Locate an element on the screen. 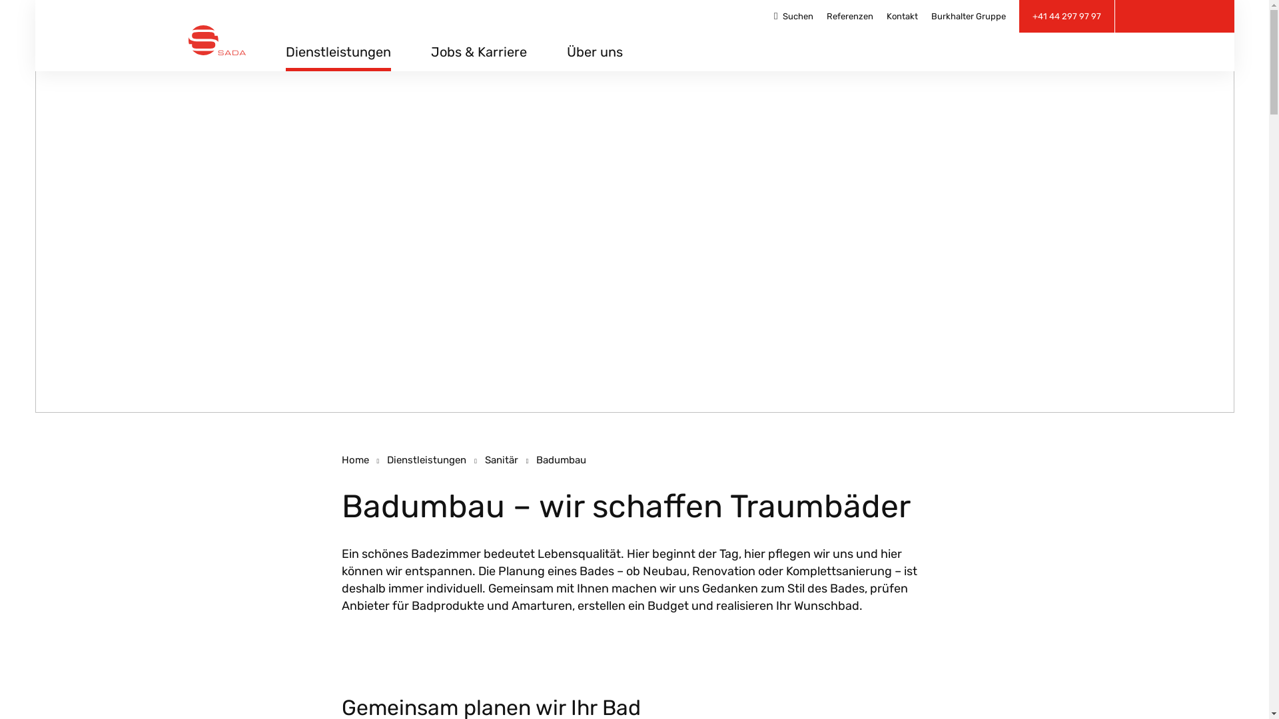 Image resolution: width=1279 pixels, height=719 pixels. 'Burkhalter Gruppe' is located at coordinates (969, 16).